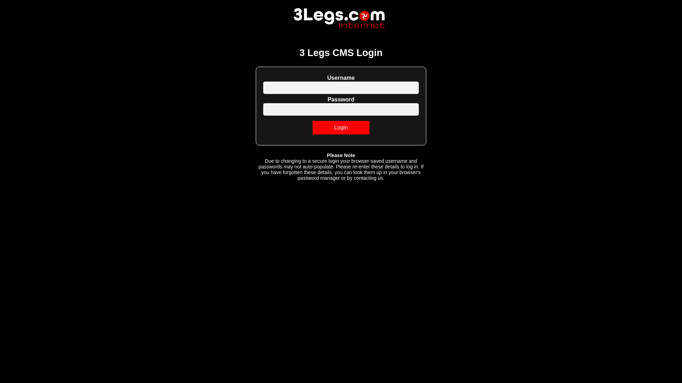 This screenshot has width=682, height=383. I want to click on 'Login', so click(341, 127).